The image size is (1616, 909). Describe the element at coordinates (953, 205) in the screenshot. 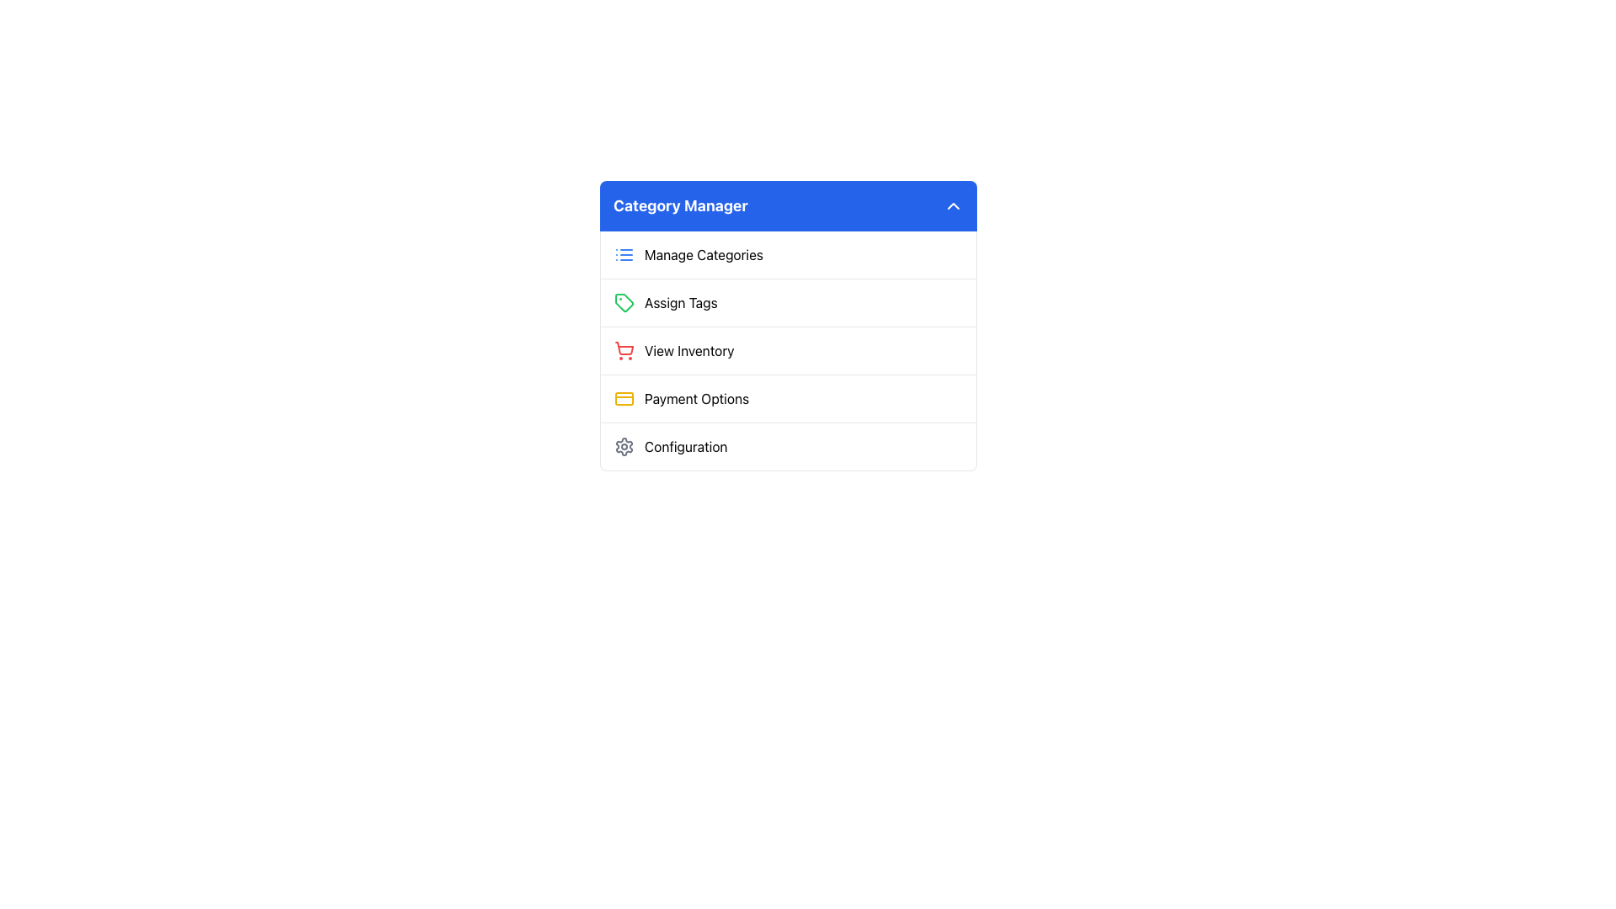

I see `the downward arrow button with a white outline on a blue background located at the top-right corner of the 'Category Manager' panel` at that location.